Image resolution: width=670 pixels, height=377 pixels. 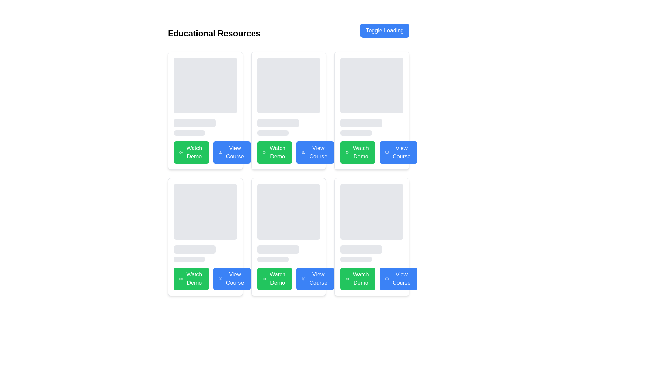 I want to click on the open book icon that is located at the leftmost part of the blue 'View Course' button in the bottom-right corner of the grid layout, so click(x=387, y=278).